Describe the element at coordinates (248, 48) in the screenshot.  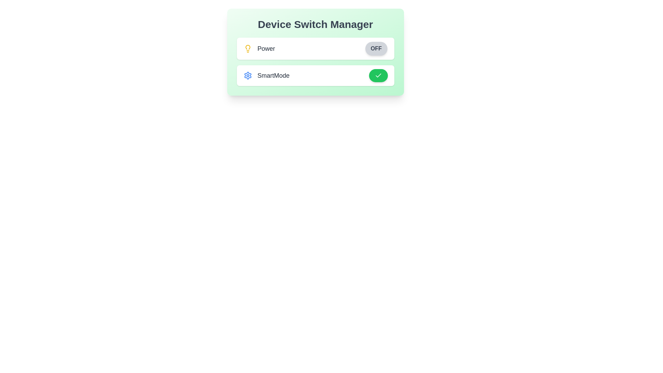
I see `the lightbulb icon next to the 'Power' label` at that location.